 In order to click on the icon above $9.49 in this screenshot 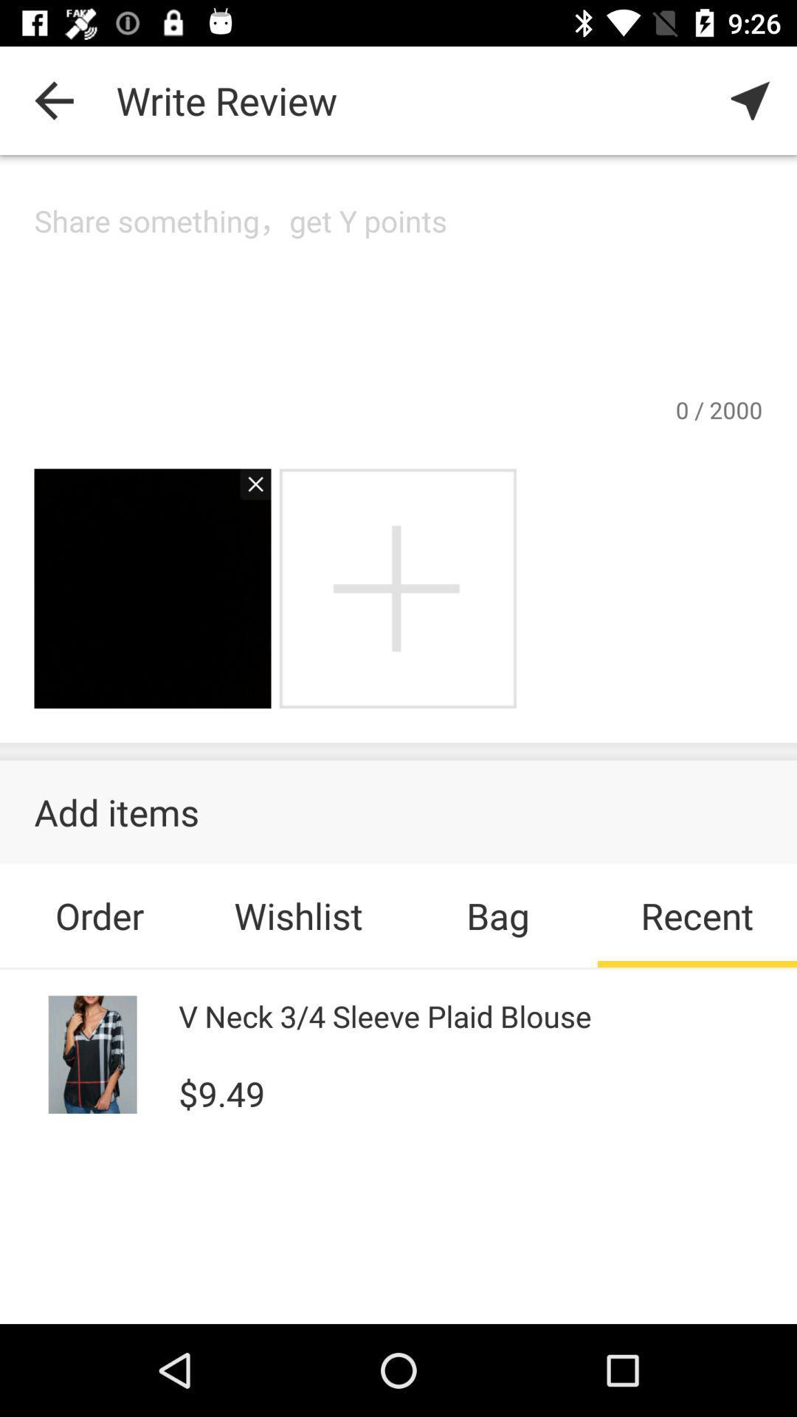, I will do `click(384, 1015)`.